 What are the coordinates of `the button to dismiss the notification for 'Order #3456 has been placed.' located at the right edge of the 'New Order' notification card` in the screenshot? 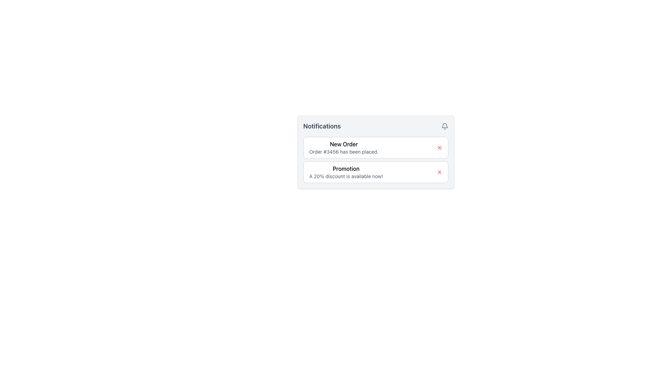 It's located at (439, 147).